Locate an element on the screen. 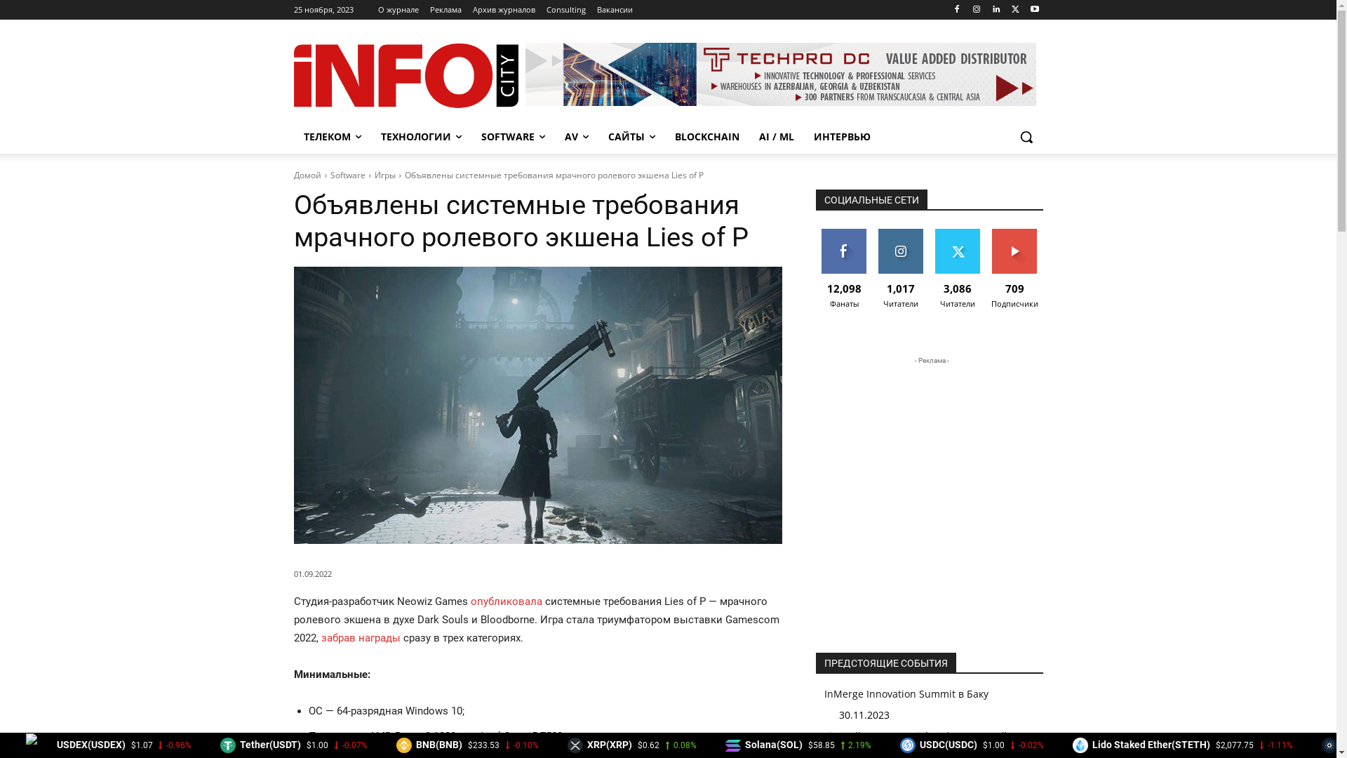 This screenshot has width=1347, height=758. 'AV' is located at coordinates (575, 137).